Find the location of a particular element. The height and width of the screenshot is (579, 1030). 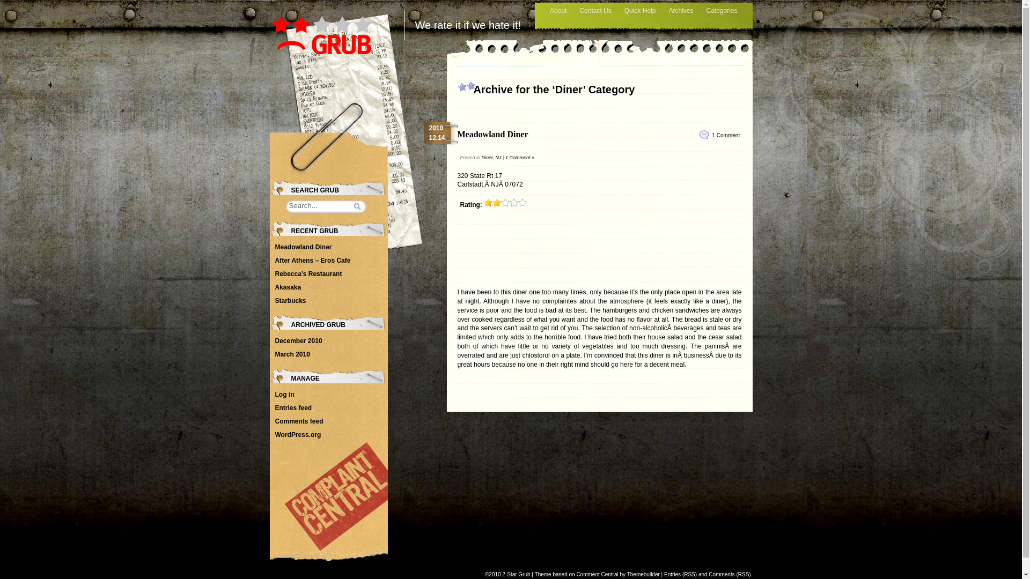

'Comment Central by Themebuilder' is located at coordinates (617, 574).